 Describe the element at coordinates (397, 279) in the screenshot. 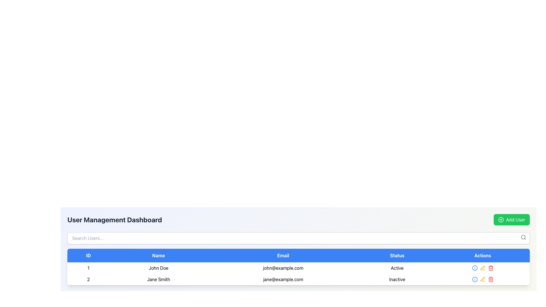

I see `the text label displaying 'Inactive' in the status column of the user management table for the user Jane Smith` at that location.